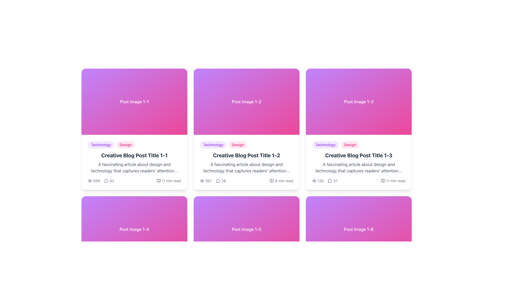  What do you see at coordinates (330, 181) in the screenshot?
I see `the message bubble icon located within the card for 'Creative Blog Post Title 1-3', which is the second icon from the left in the horizontal row of interaction metrics` at bounding box center [330, 181].